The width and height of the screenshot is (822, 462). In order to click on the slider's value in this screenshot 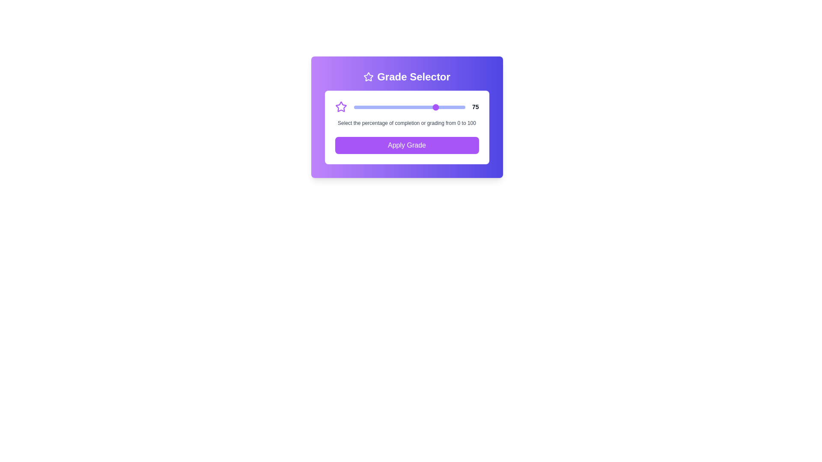, I will do `click(425, 107)`.